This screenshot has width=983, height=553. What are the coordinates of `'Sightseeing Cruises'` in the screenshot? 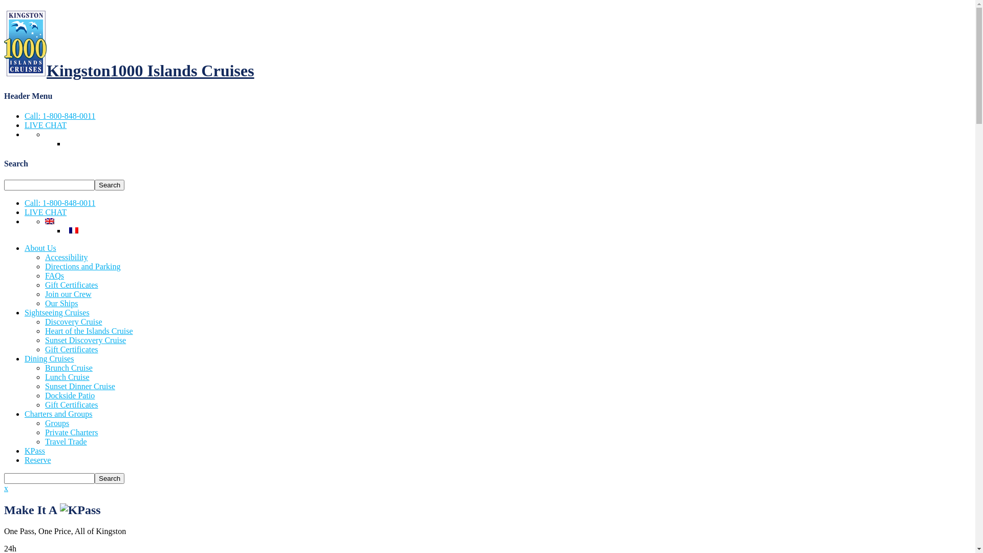 It's located at (56, 312).